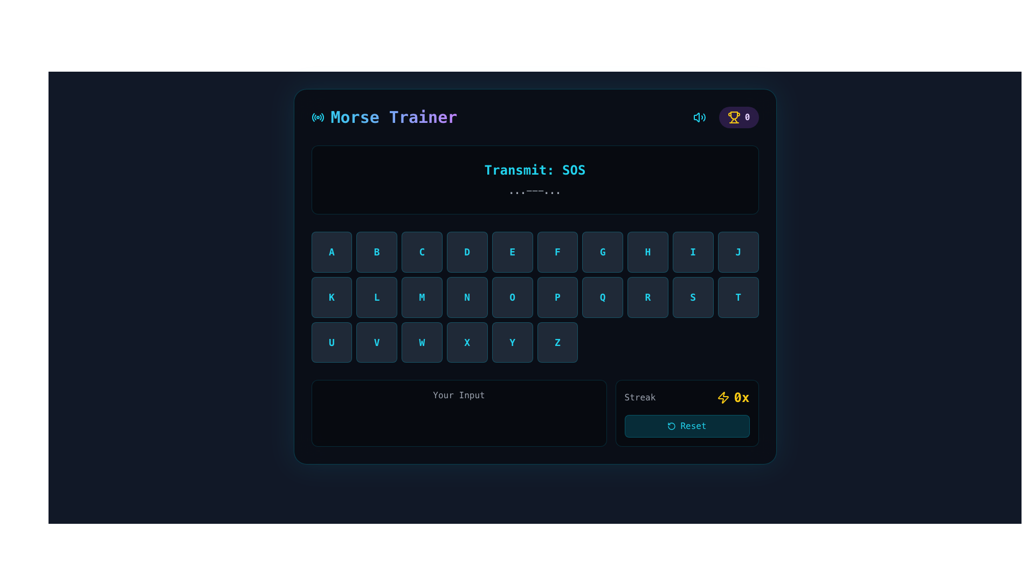  What do you see at coordinates (535, 179) in the screenshot?
I see `the text display element that shows 'Transmit: SOS' in bold cyan font and the Morse code '...---...' below it, which is centrally positioned above the keyboard layout panel` at bounding box center [535, 179].